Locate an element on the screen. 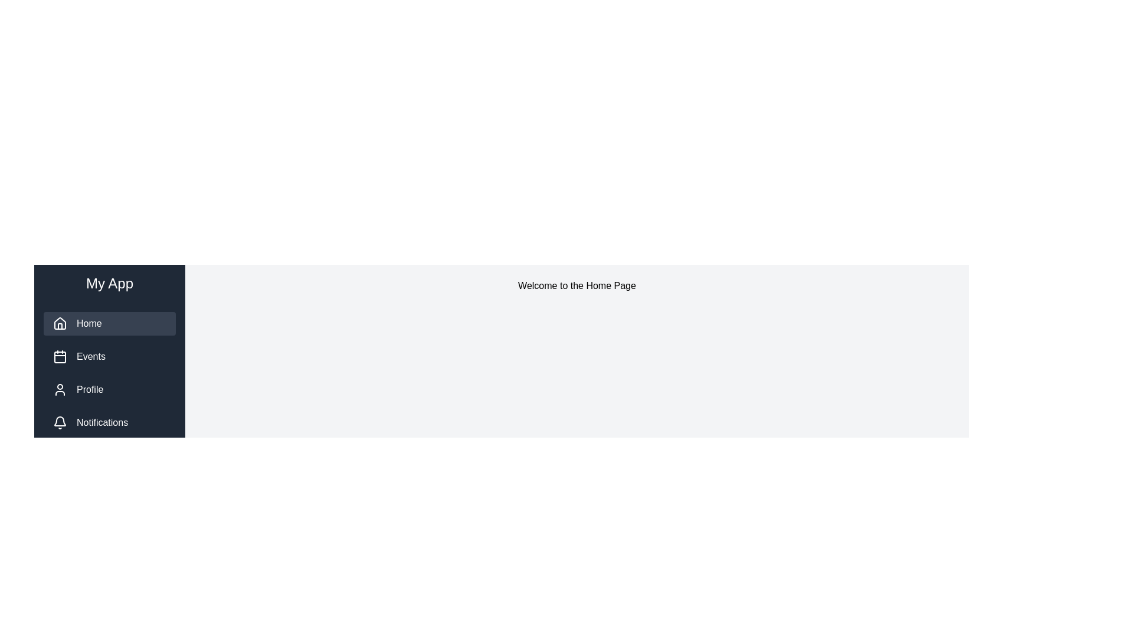 The image size is (1133, 637). the 'Events' label in the navigation menu is located at coordinates (90, 356).